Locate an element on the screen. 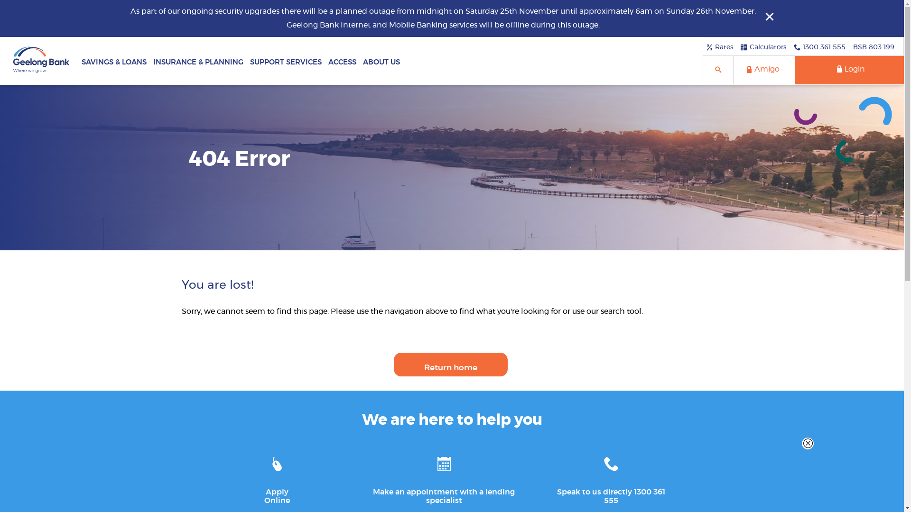 The image size is (911, 512). 'Calculators' is located at coordinates (763, 47).